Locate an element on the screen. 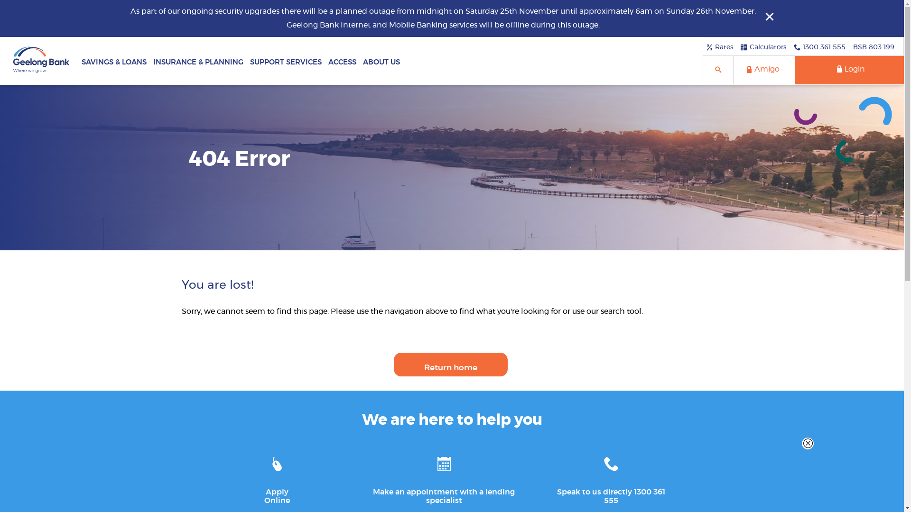 The image size is (911, 512). 'Calculators' is located at coordinates (763, 47).